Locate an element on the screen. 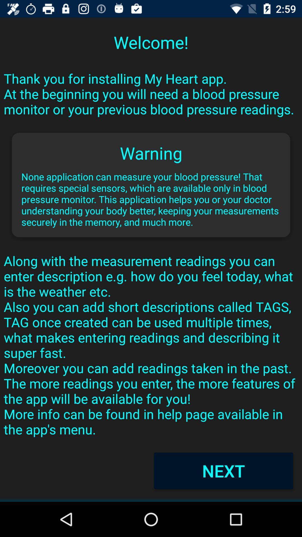  the item at the bottom right corner is located at coordinates (223, 470).